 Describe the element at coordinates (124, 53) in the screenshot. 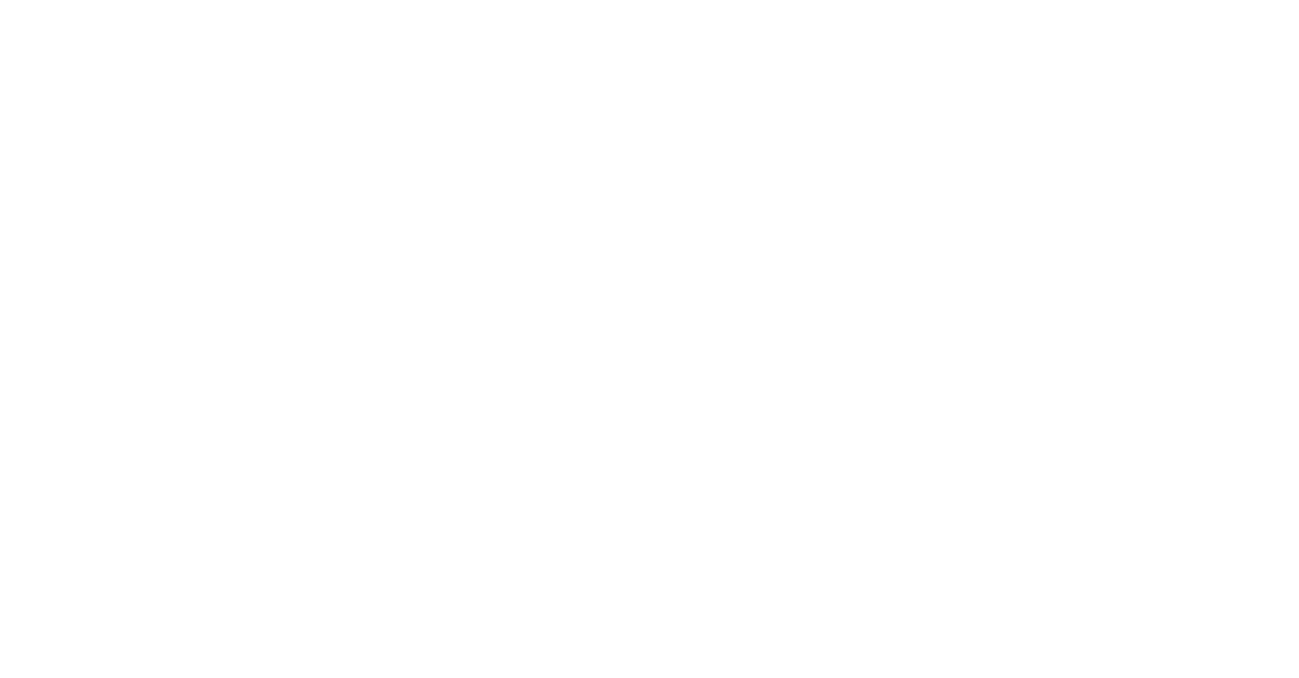

I see `'Technologiepolitisch bedeutsame Veranstaltungen'` at that location.